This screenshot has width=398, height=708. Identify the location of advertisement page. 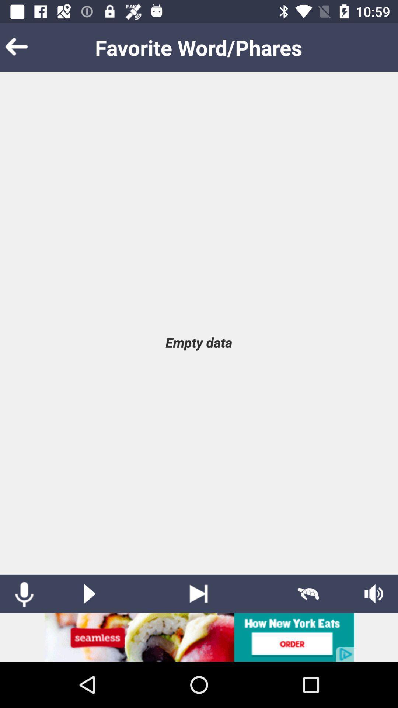
(199, 637).